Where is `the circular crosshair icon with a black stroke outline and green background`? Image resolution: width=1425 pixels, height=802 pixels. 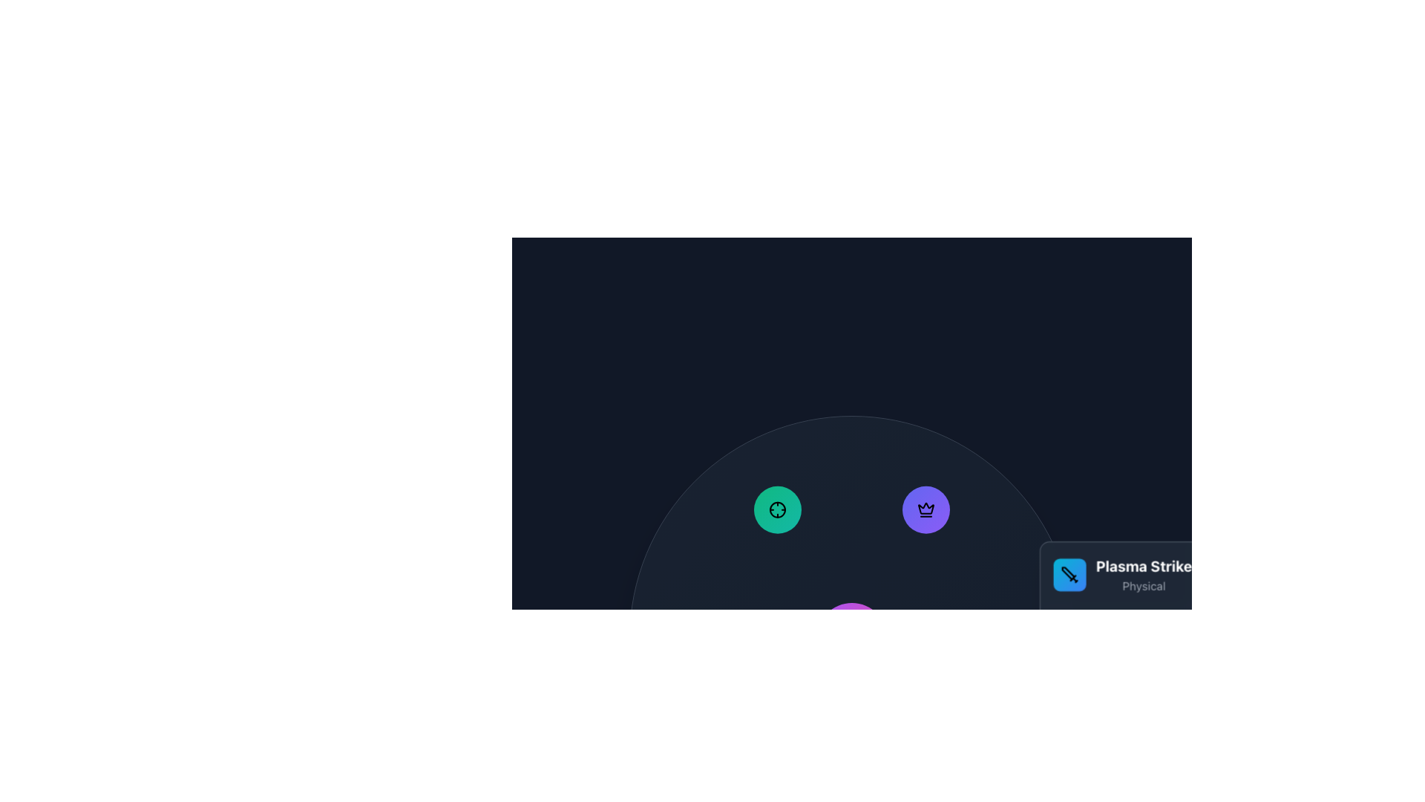
the circular crosshair icon with a black stroke outline and green background is located at coordinates (776, 509).